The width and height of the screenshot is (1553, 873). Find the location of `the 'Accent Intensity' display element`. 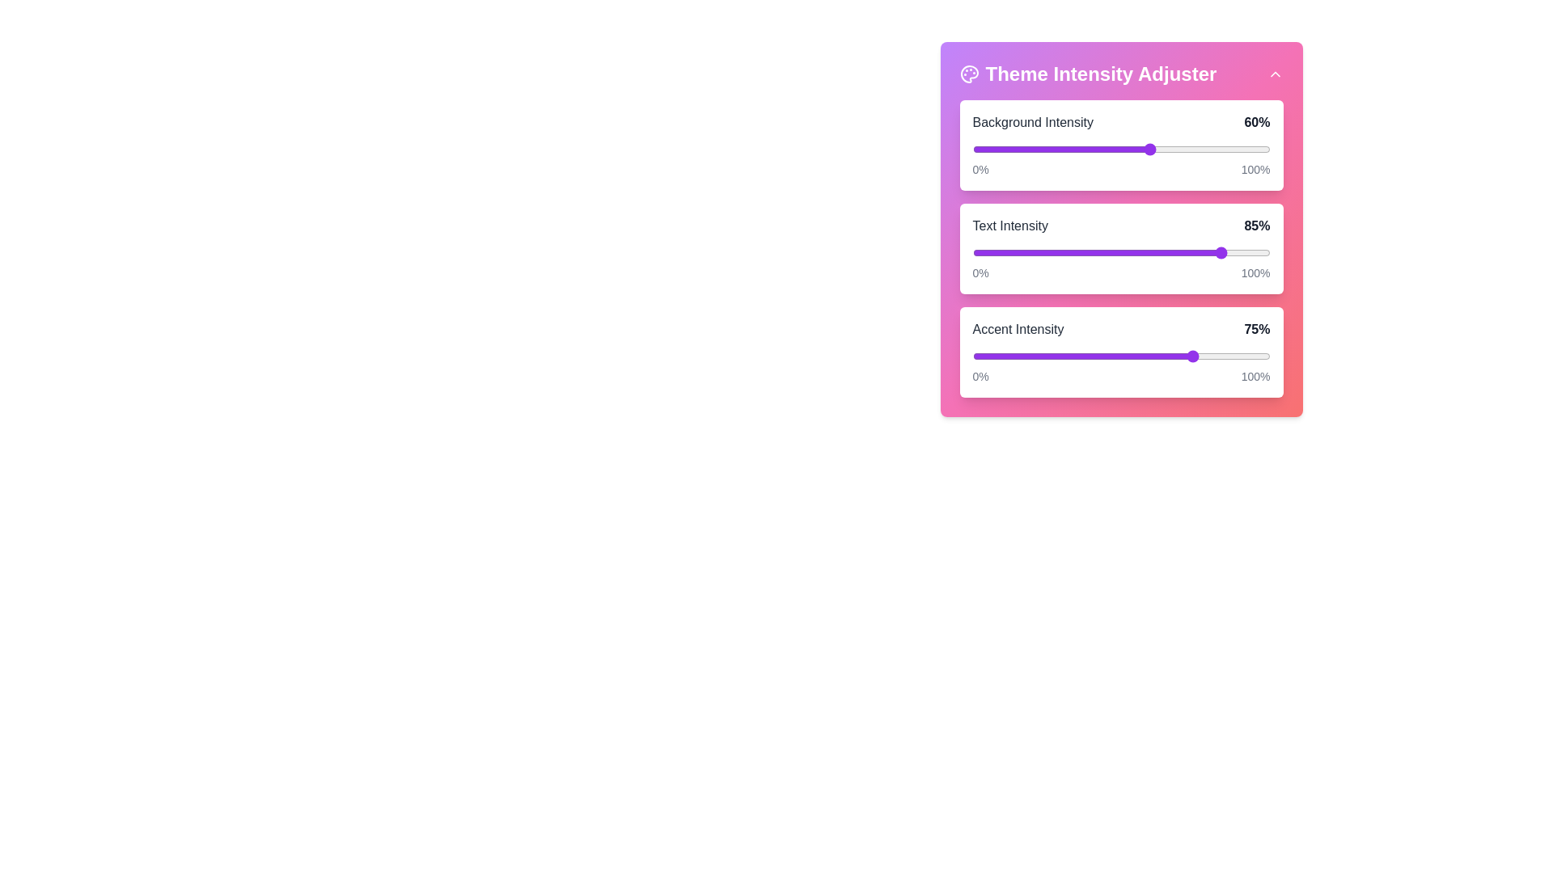

the 'Accent Intensity' display element is located at coordinates (1120, 329).